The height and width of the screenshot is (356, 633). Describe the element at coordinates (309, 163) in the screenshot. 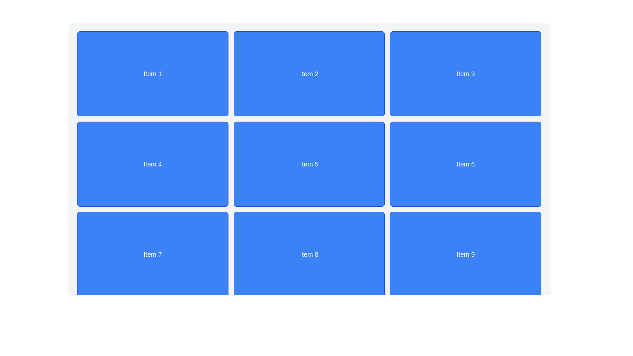

I see `the static card component displaying an individual item or unit in a collection, located in the center of the second row within a grid layout` at that location.